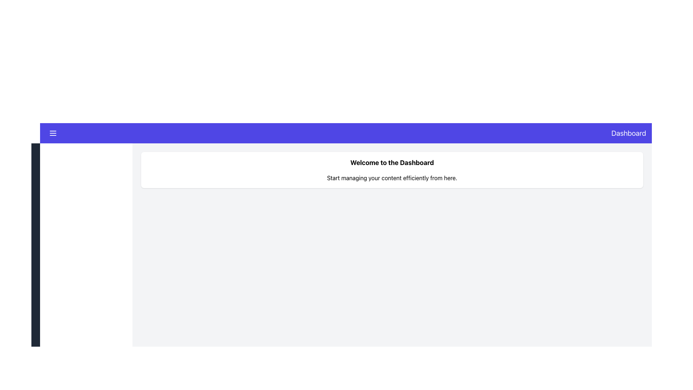 Image resolution: width=693 pixels, height=390 pixels. What do you see at coordinates (628, 133) in the screenshot?
I see `text label displaying 'Dashboard' in white on a purple background, located at the top right corner of the interface` at bounding box center [628, 133].